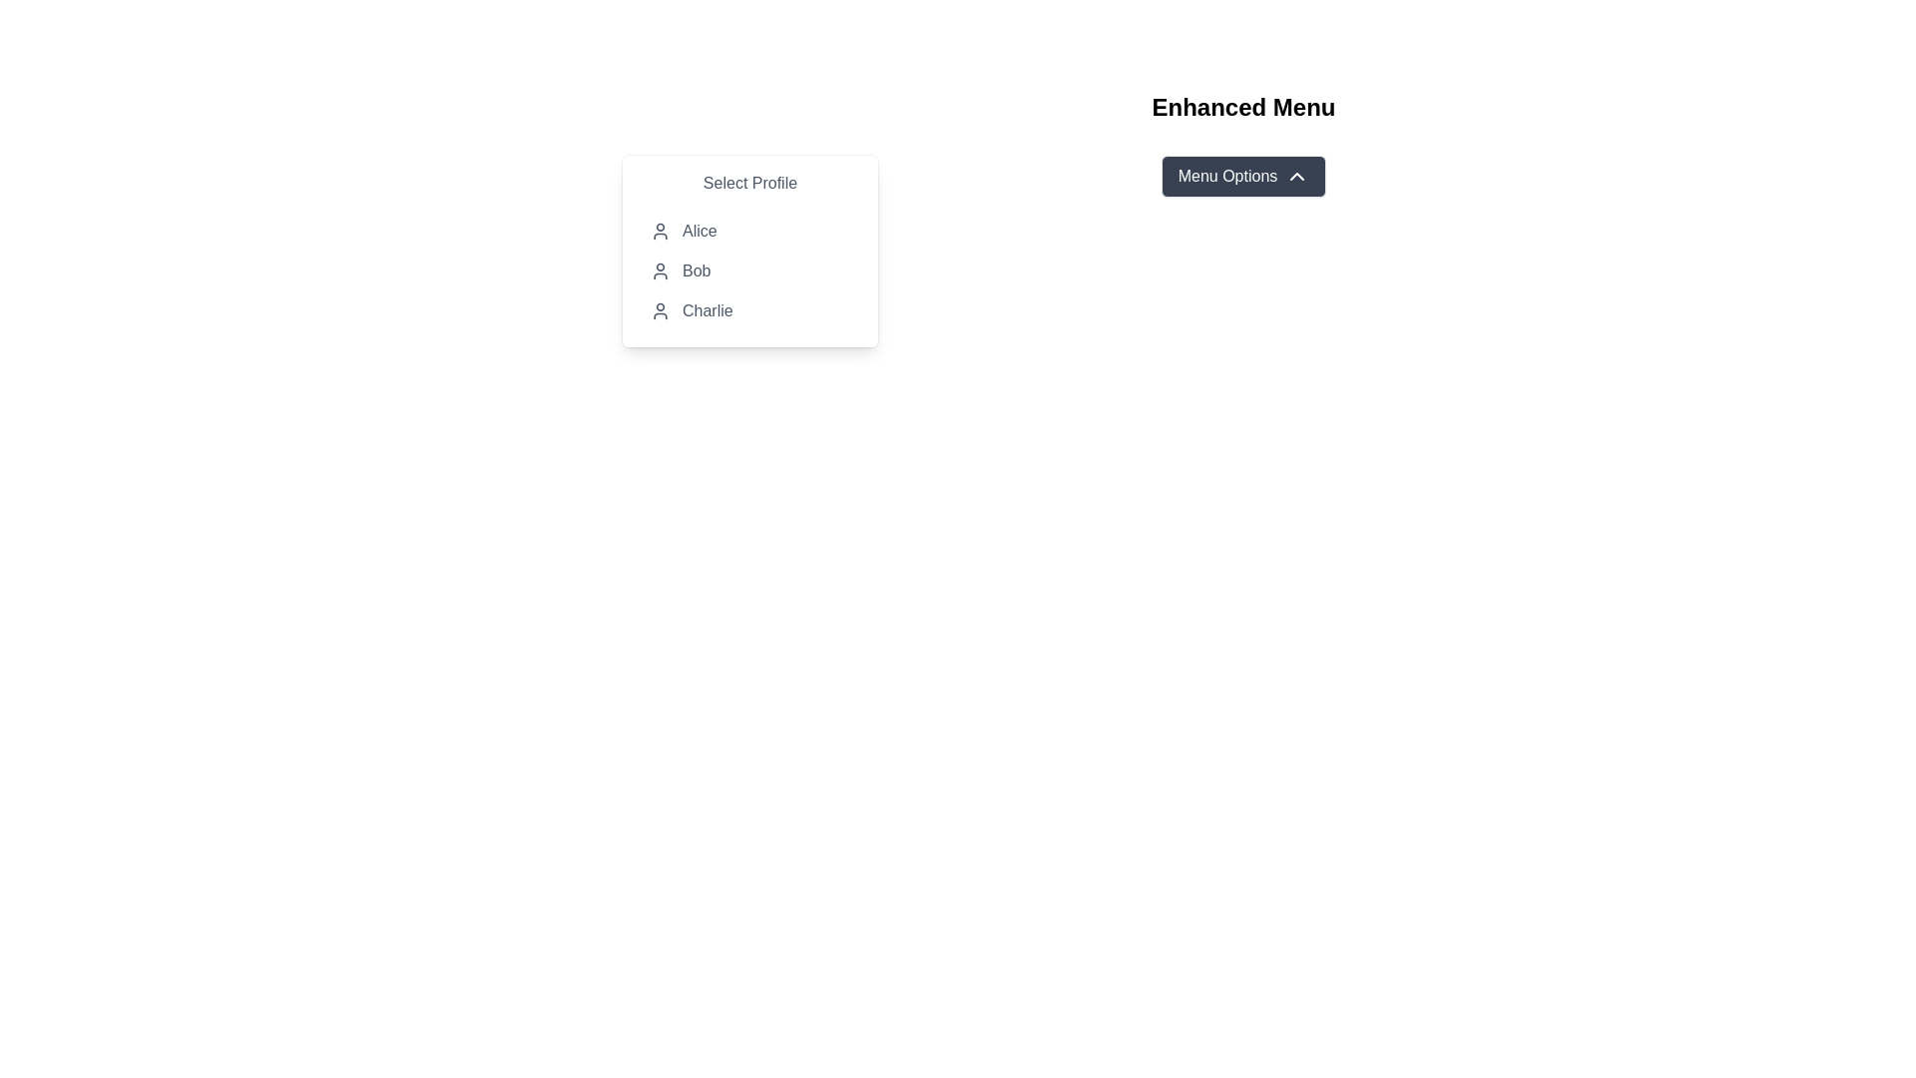 This screenshot has height=1078, width=1916. Describe the element at coordinates (679, 271) in the screenshot. I see `the menu item labeled 'Bob' with a user icon` at that location.